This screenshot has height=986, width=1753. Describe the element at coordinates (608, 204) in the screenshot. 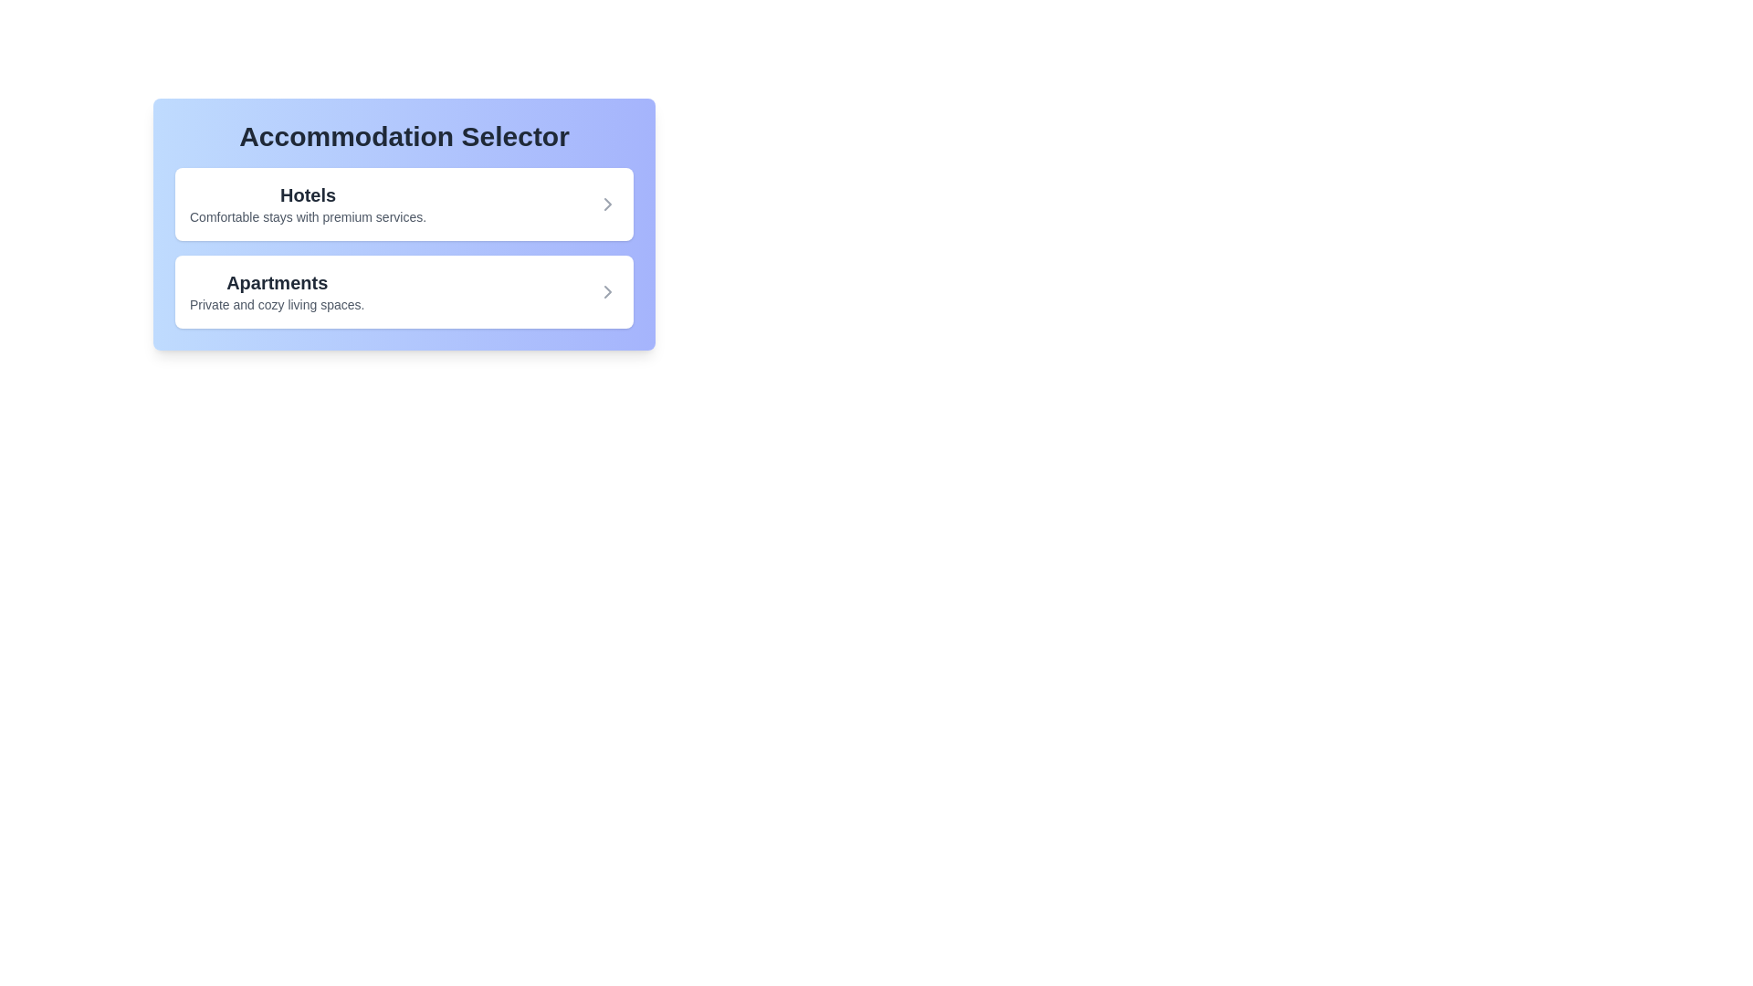

I see `the chevron icon located to the right of the 'Hotels' button` at that location.